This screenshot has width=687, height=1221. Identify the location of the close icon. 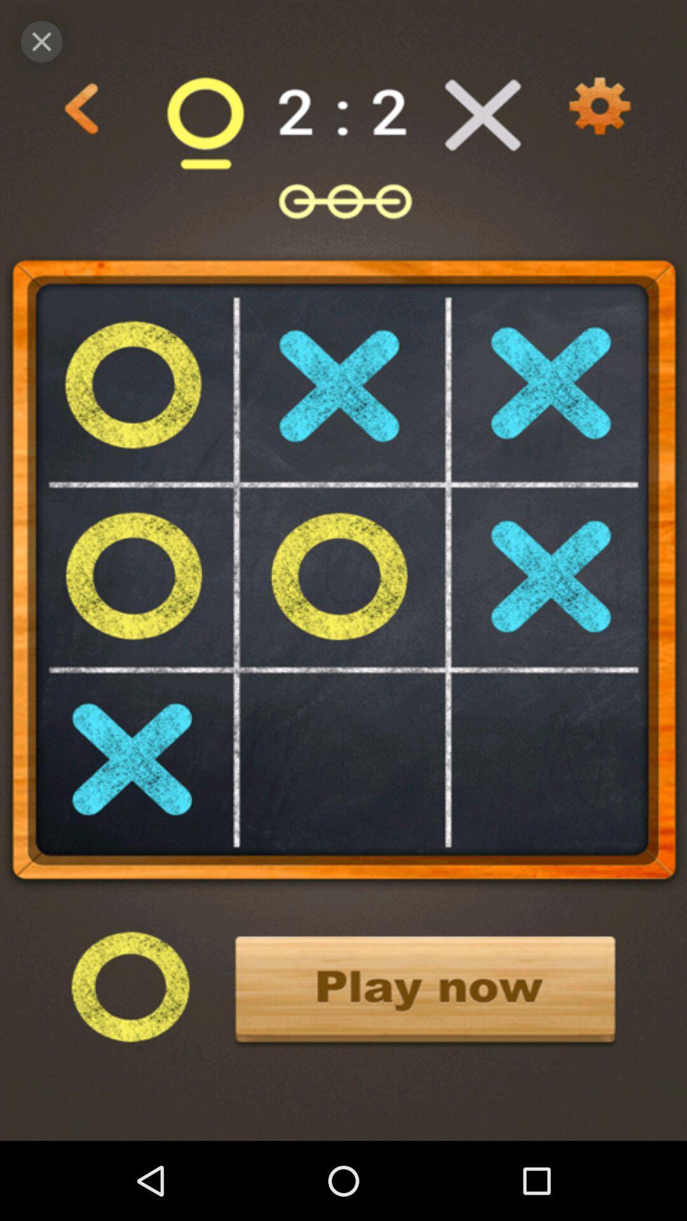
(41, 41).